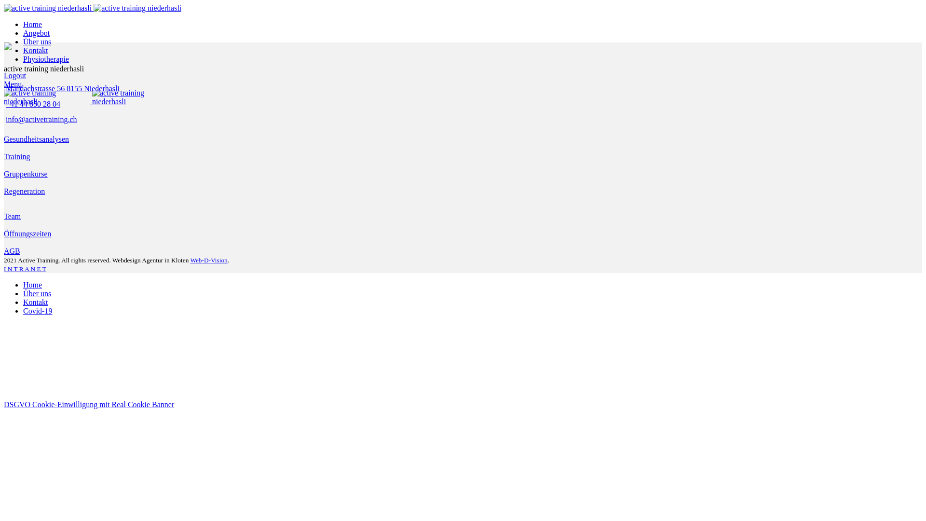 This screenshot has height=521, width=926. I want to click on 'Web-D-Vision', so click(208, 260).